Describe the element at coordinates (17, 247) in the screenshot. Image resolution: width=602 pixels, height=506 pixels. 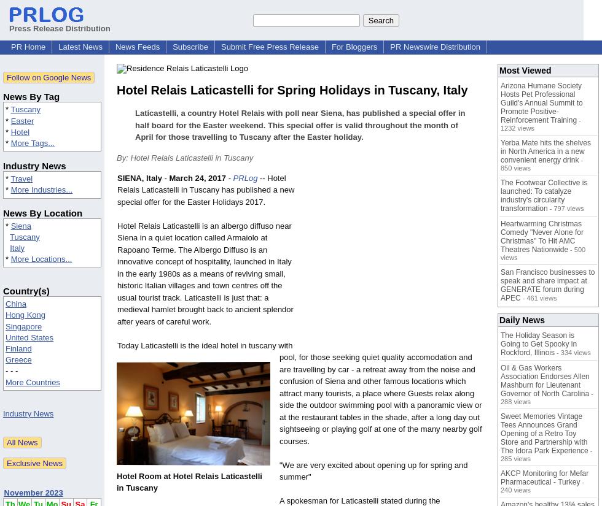
I see `'Italy'` at that location.